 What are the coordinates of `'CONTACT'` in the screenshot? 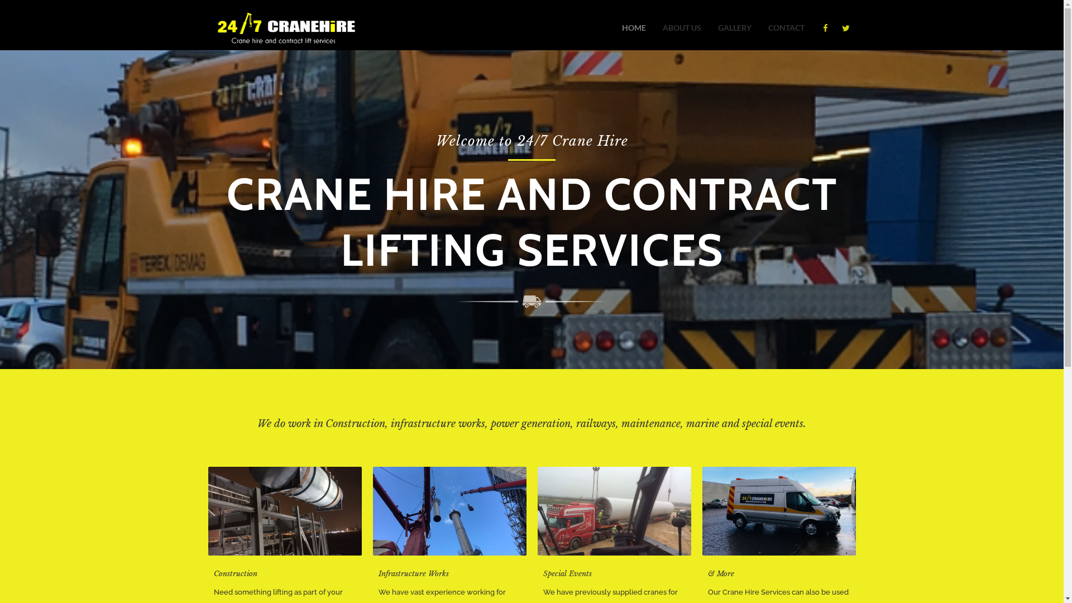 It's located at (786, 27).